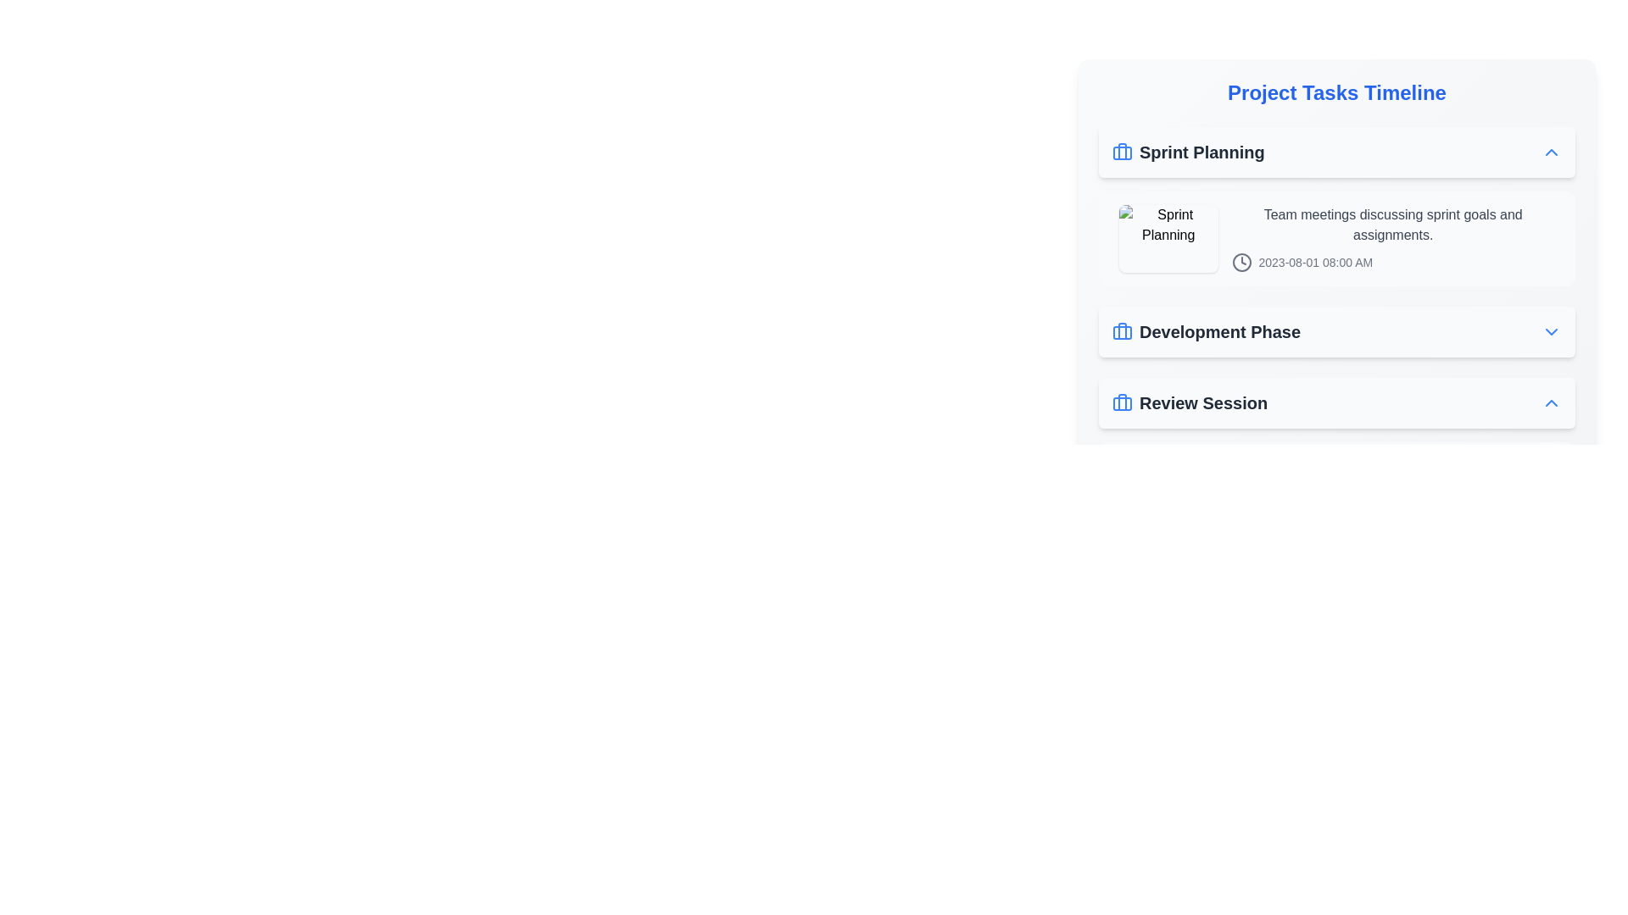 The height and width of the screenshot is (915, 1628). What do you see at coordinates (1123, 332) in the screenshot?
I see `the blue briefcase icon located to the left of the 'Development Phase' label in the 'Project Tasks Timeline' section` at bounding box center [1123, 332].